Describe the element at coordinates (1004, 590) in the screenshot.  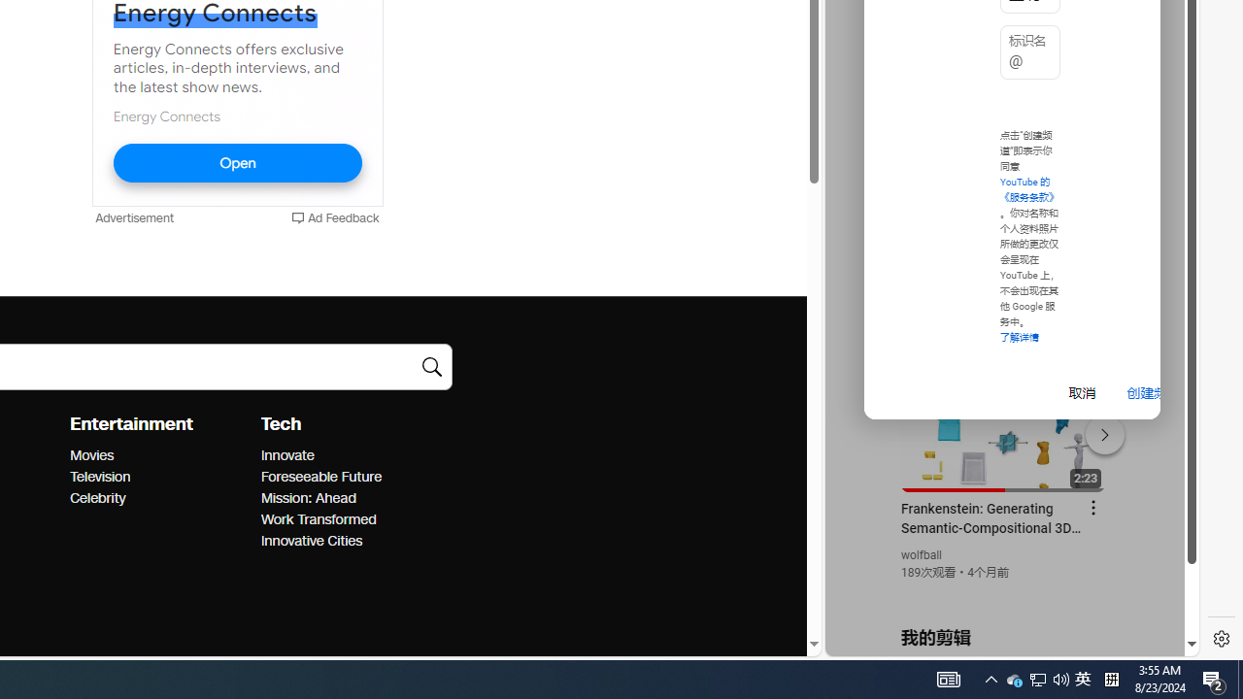
I see `'you'` at that location.